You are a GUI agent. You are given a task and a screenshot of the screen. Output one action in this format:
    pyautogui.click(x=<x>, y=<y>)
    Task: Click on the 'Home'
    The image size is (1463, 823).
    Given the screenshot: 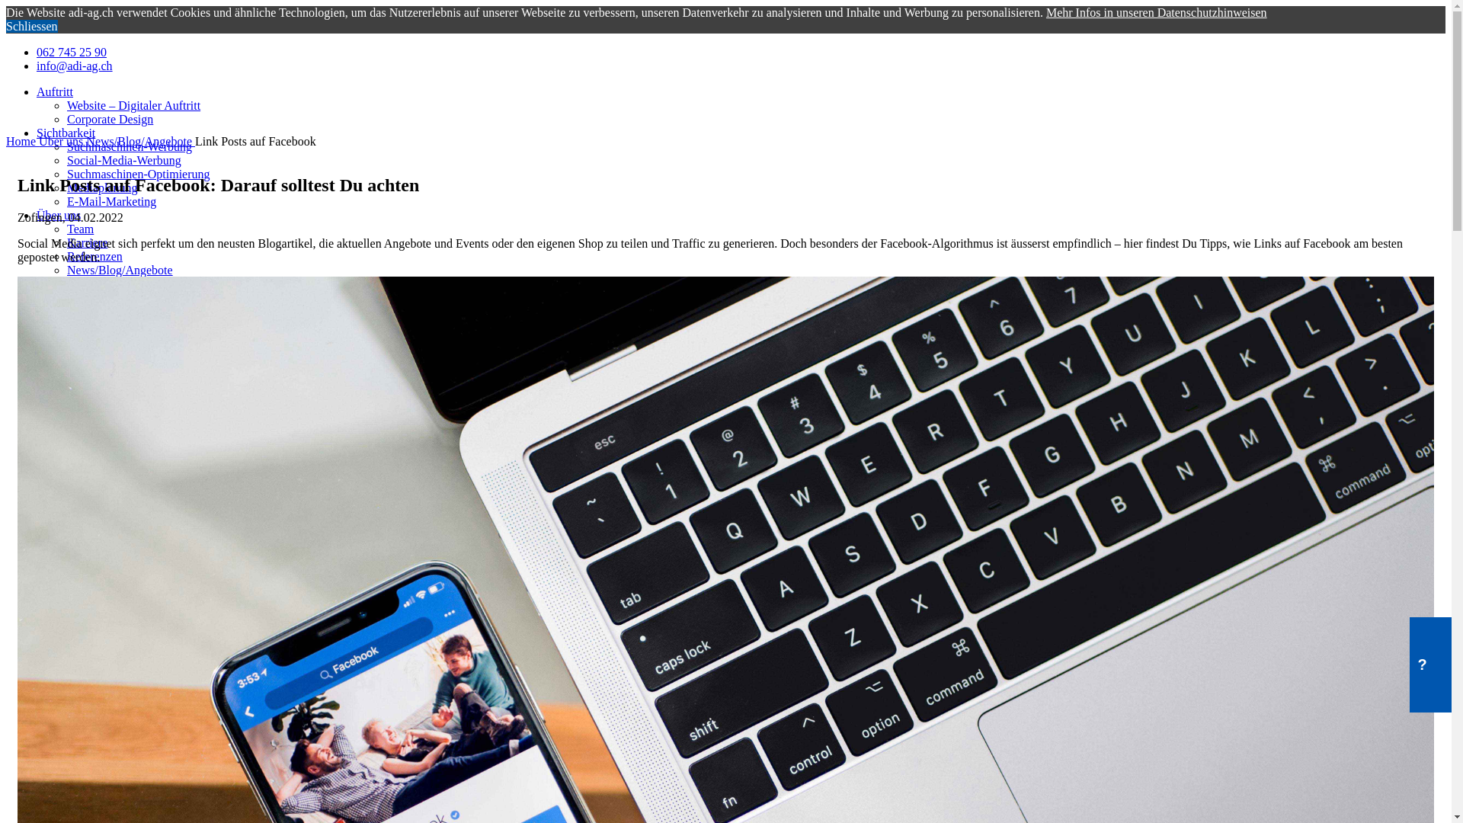 What is the action you would take?
    pyautogui.click(x=6, y=141)
    